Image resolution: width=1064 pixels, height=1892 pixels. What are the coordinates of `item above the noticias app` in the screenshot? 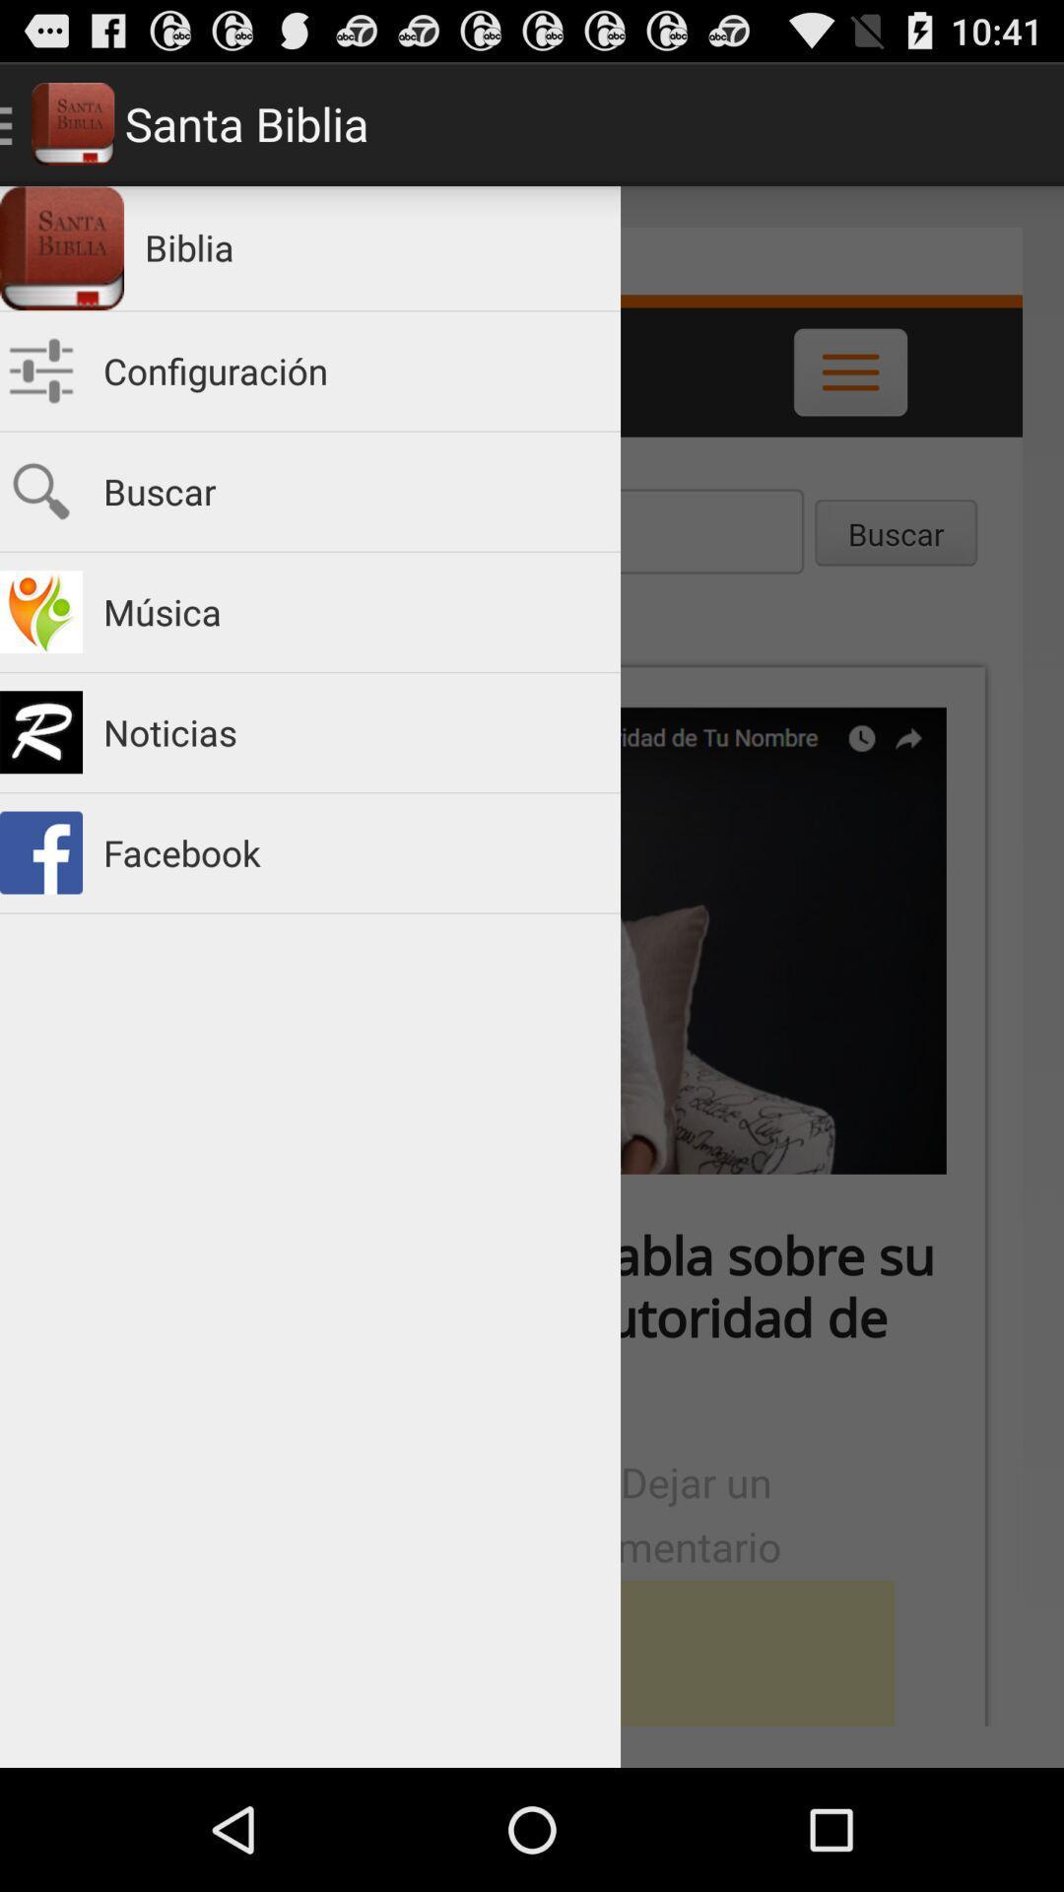 It's located at (351, 611).